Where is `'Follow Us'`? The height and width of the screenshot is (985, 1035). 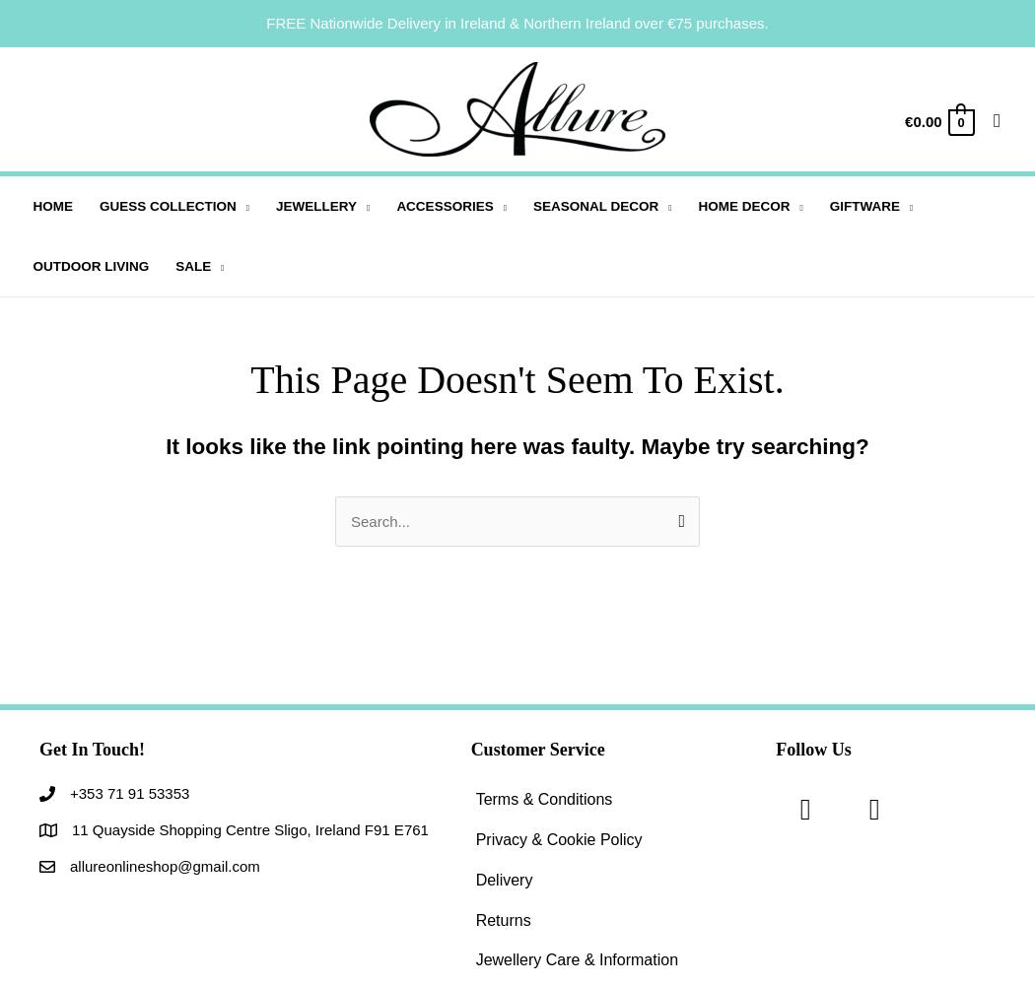 'Follow Us' is located at coordinates (811, 749).